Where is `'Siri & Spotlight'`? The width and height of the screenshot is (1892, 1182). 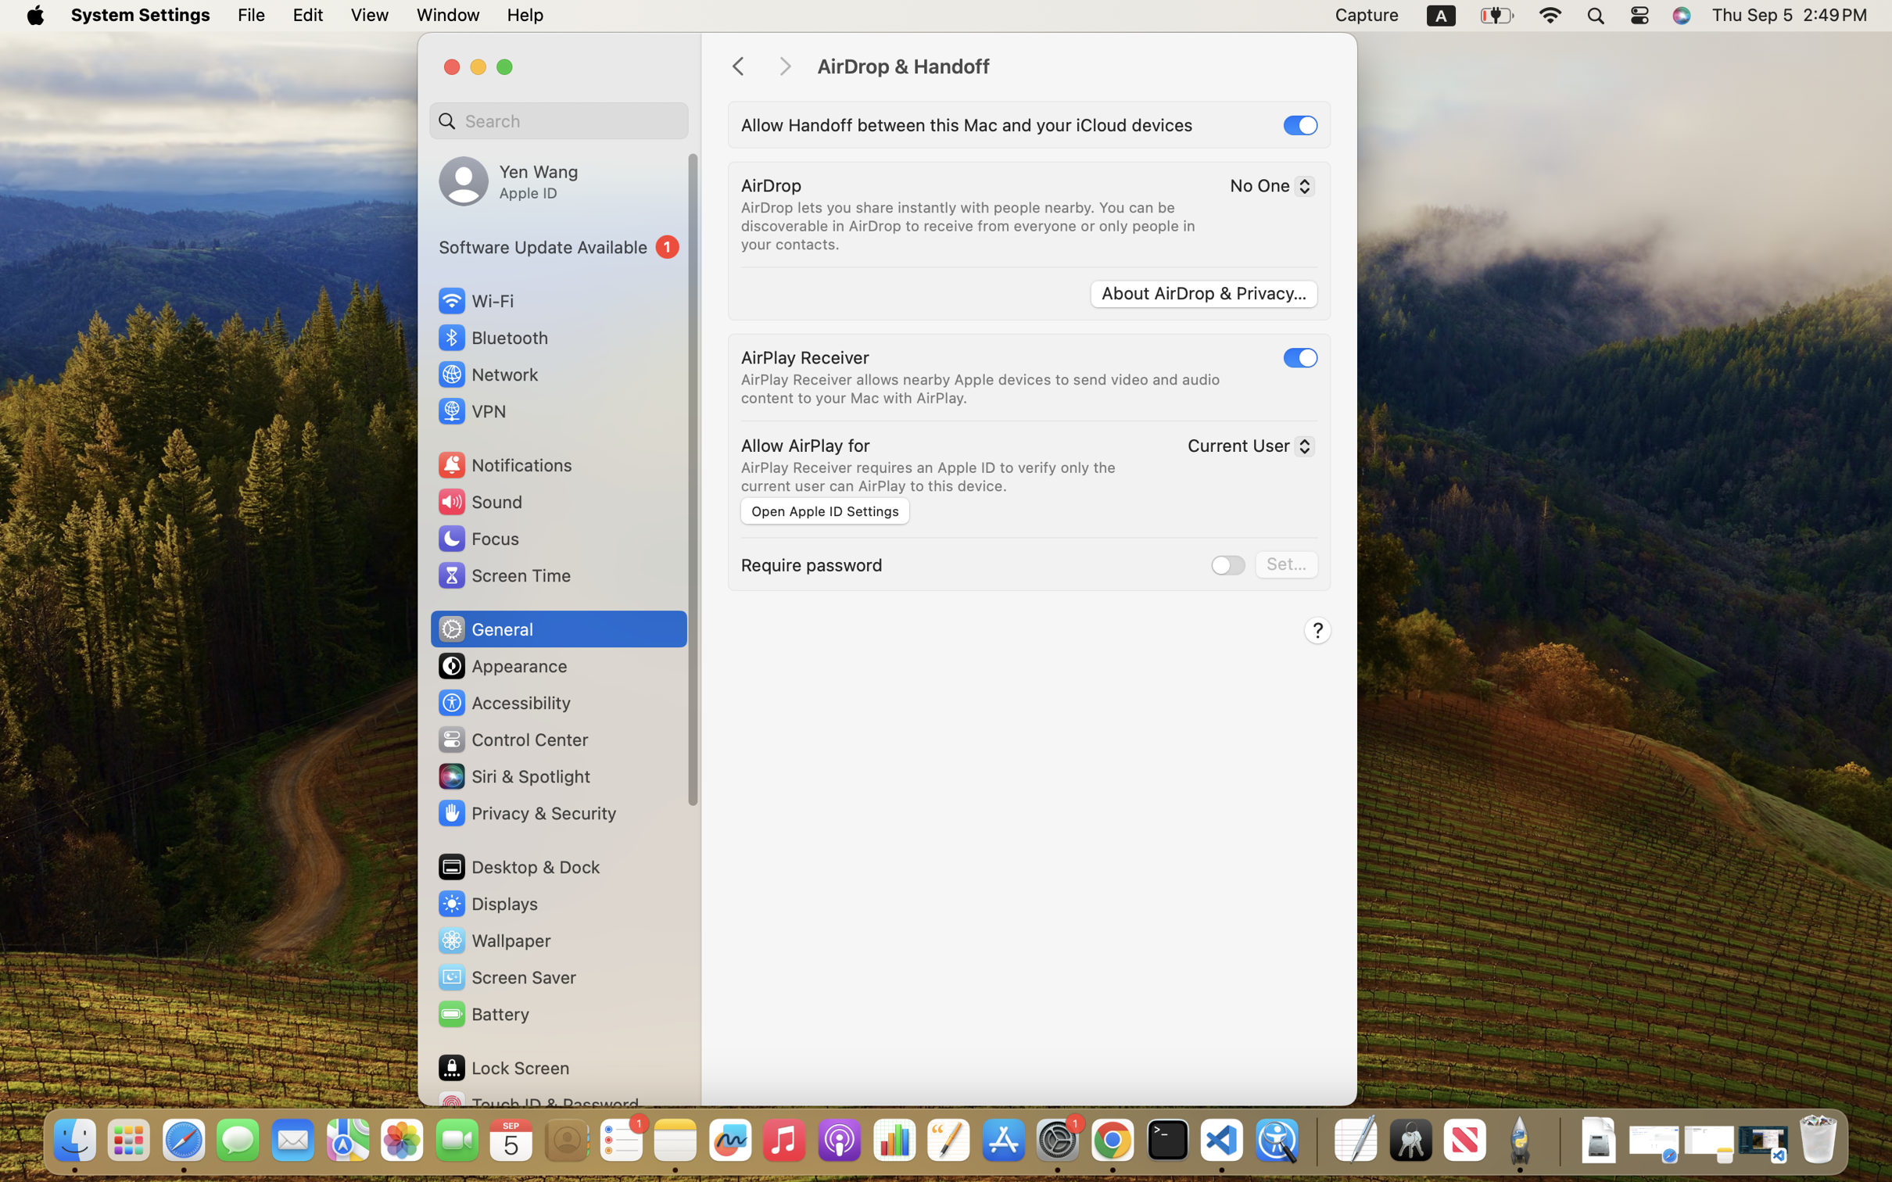
'Siri & Spotlight' is located at coordinates (512, 775).